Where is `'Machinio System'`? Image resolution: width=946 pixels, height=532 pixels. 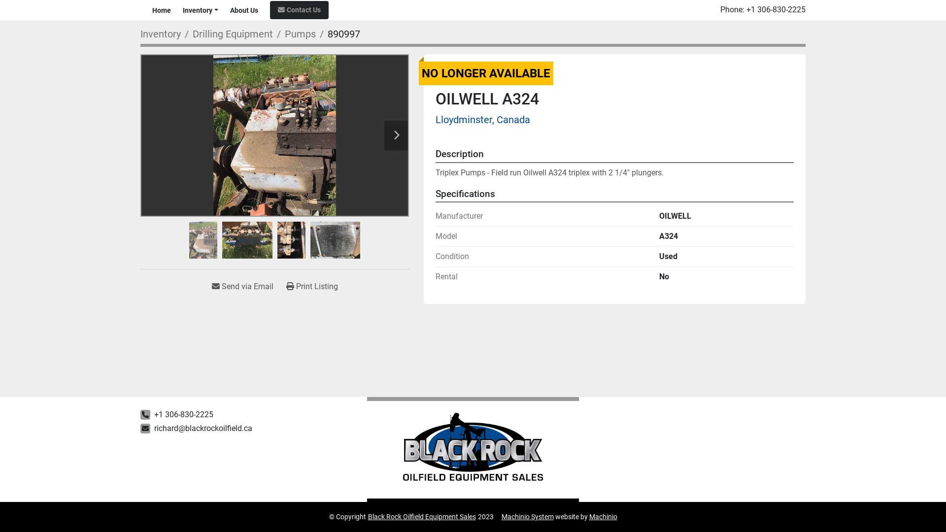 'Machinio System' is located at coordinates (501, 516).